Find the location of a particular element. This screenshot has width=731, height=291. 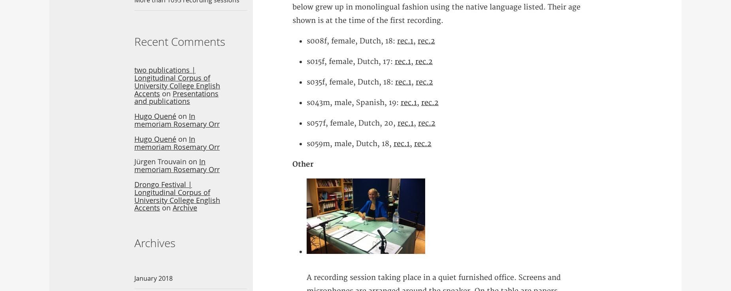

'Jürgen Trouvain' is located at coordinates (160, 161).